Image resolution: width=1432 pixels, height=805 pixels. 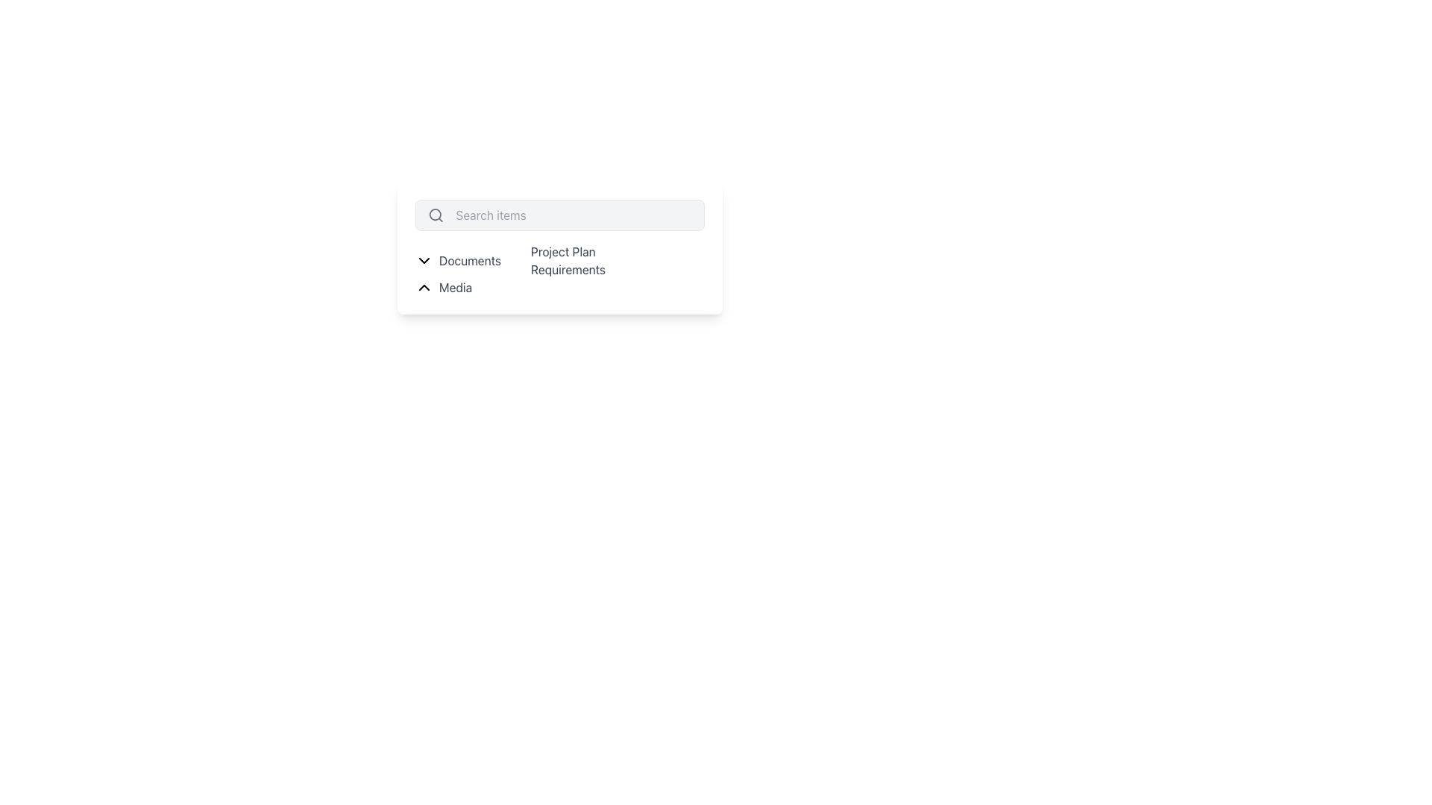 I want to click on the text label for the category 'Documents', which is the first item in the row containing 'Documents', 'Project Plan', and 'Requirements', so click(x=469, y=260).